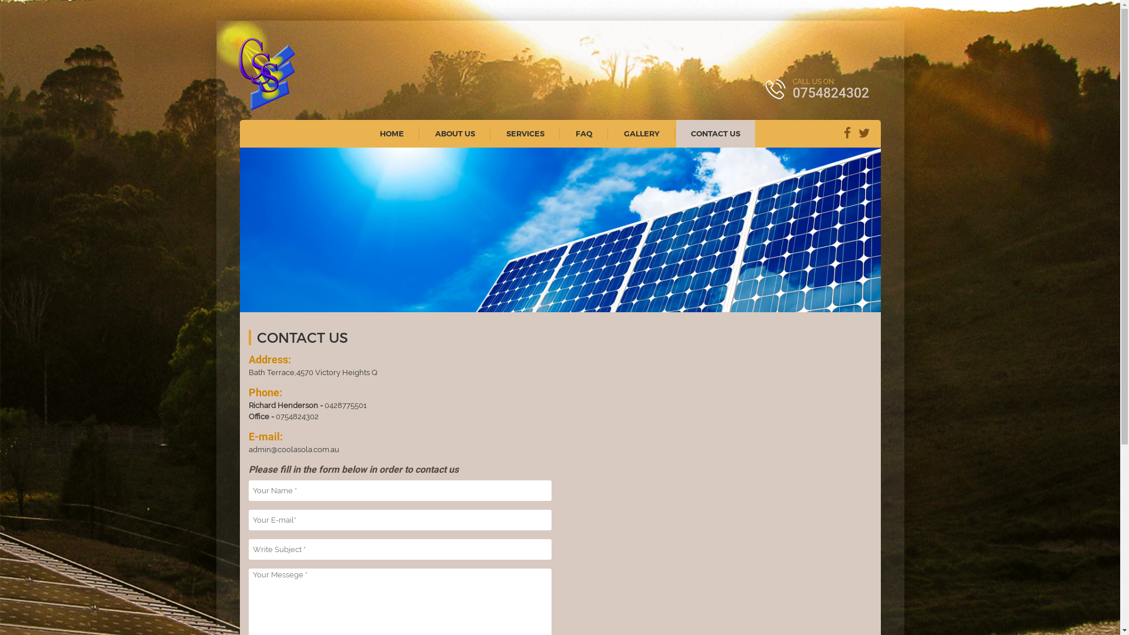  What do you see at coordinates (454, 133) in the screenshot?
I see `'ABOUT US'` at bounding box center [454, 133].